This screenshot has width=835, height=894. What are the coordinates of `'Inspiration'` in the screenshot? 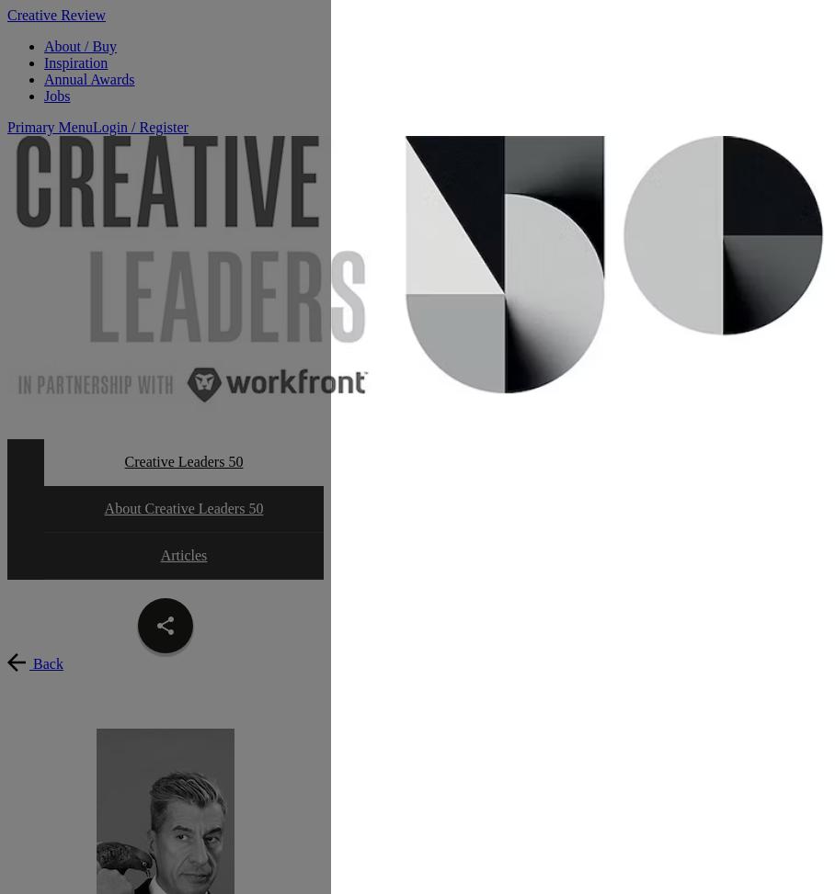 It's located at (74, 62).